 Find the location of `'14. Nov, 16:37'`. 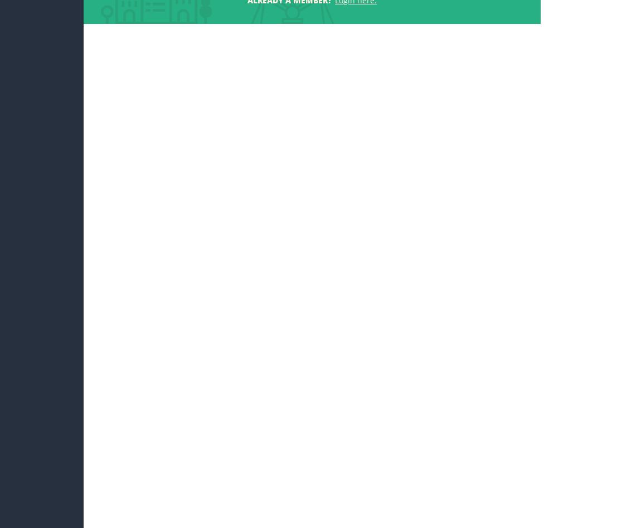

'14. Nov, 16:37' is located at coordinates (445, 236).